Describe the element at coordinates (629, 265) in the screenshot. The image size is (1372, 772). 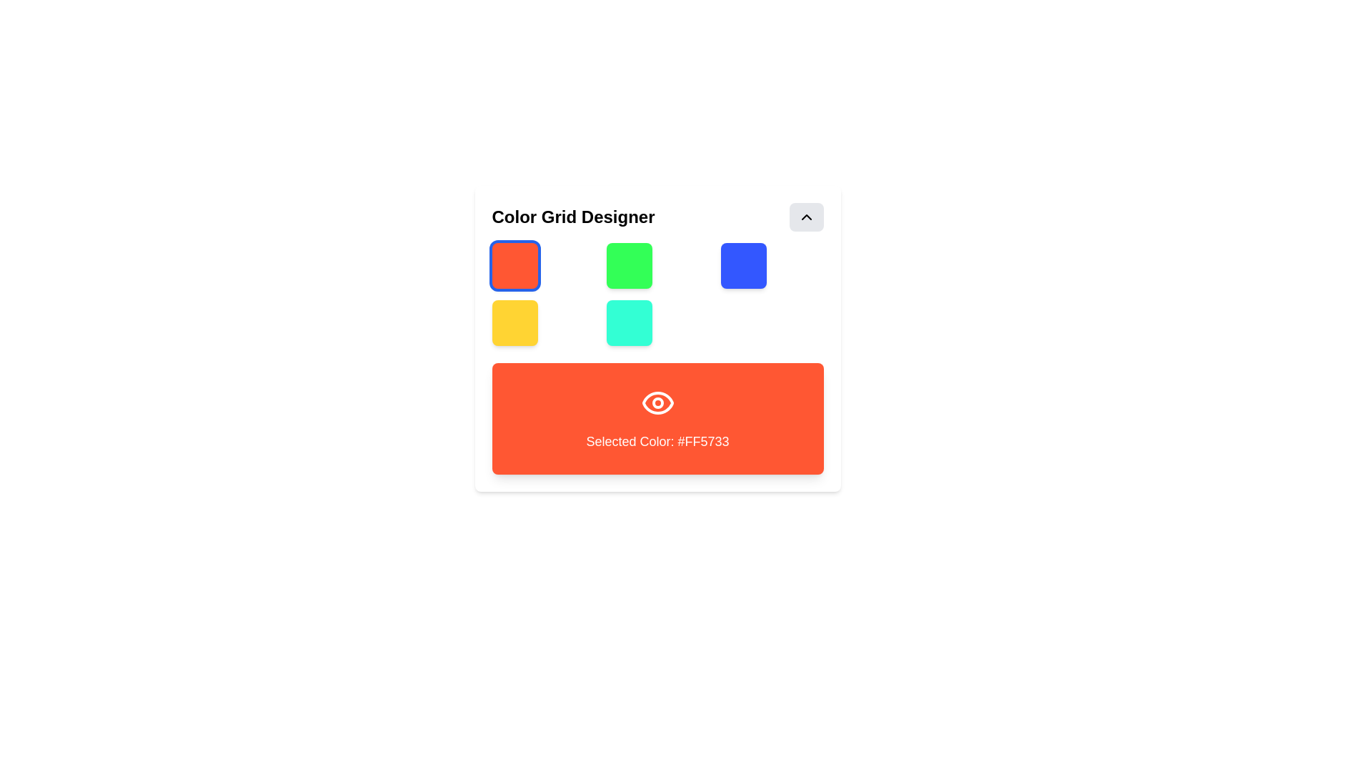
I see `the green-colored square option, which is the second square in a grid layout, positioned in the first row between a red-tinted square and a dark blue square` at that location.